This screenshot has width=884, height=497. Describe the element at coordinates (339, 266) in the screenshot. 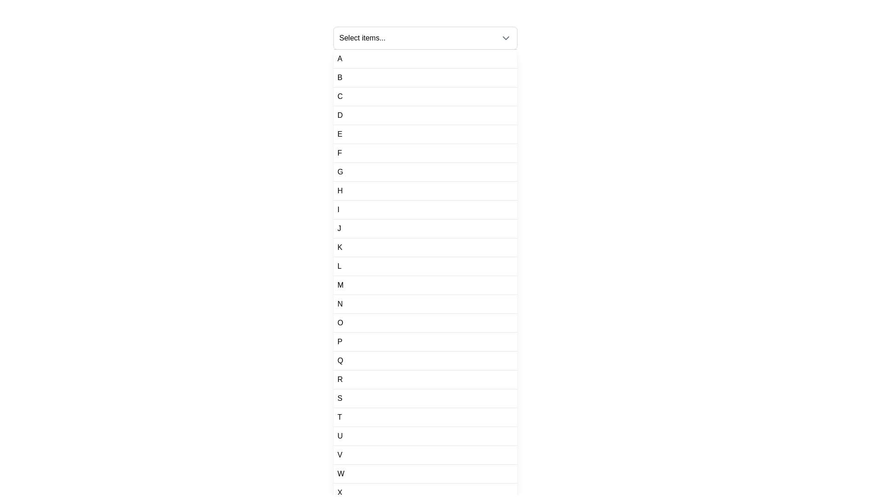

I see `the text label 'L' which is positioned between the elements labeled 'K' and 'M' in a vertical list interface` at that location.